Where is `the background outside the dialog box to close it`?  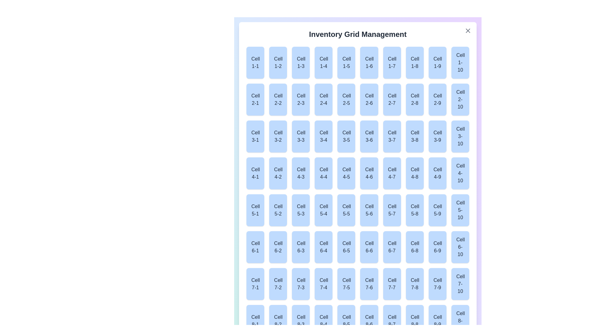
the background outside the dialog box to close it is located at coordinates (153, 153).